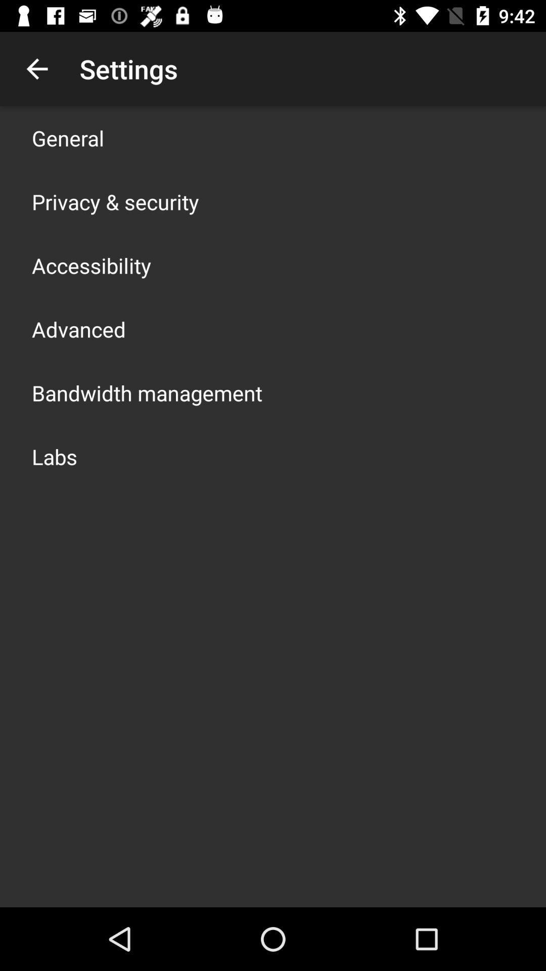 This screenshot has height=971, width=546. I want to click on item below the advanced item, so click(147, 392).